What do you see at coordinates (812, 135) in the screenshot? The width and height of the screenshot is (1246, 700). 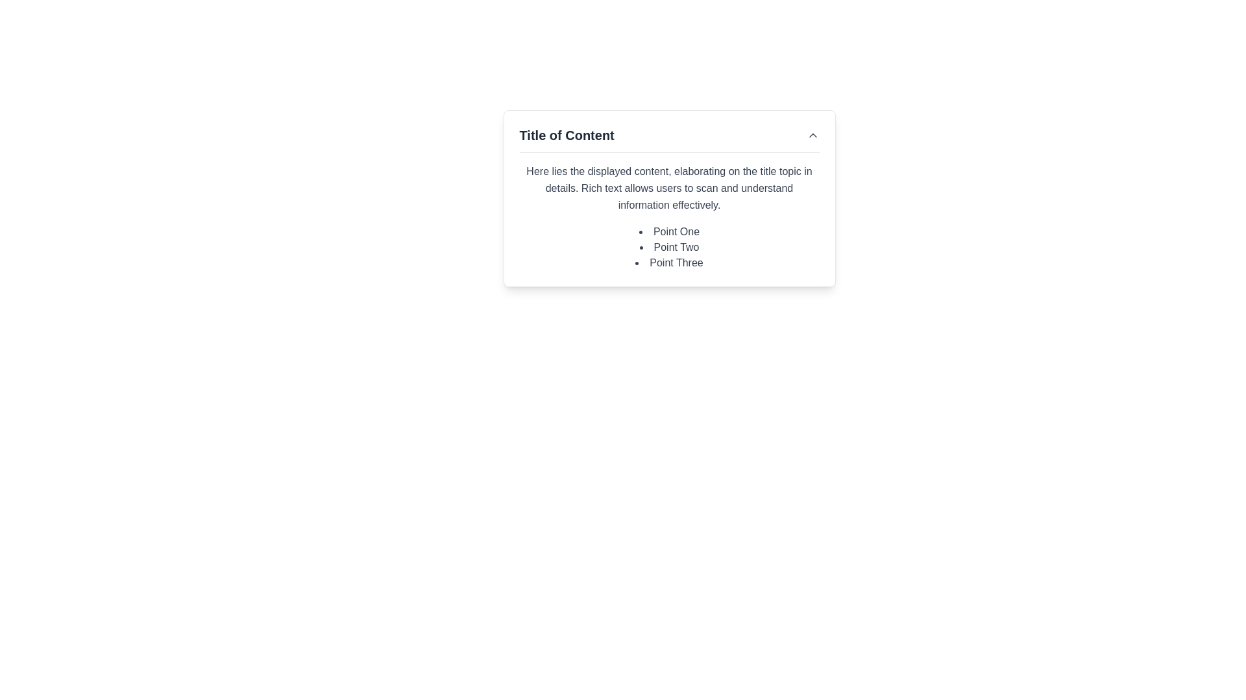 I see `the upward-pointing chevron arrow icon button located at the far right of the title section in the content card header` at bounding box center [812, 135].